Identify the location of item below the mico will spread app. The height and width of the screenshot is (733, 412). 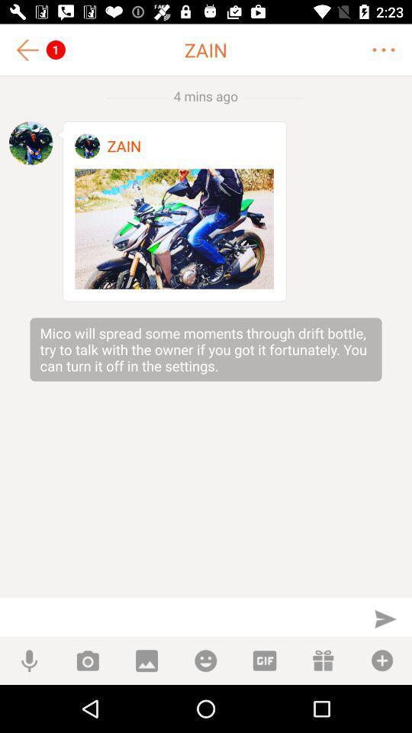
(385, 618).